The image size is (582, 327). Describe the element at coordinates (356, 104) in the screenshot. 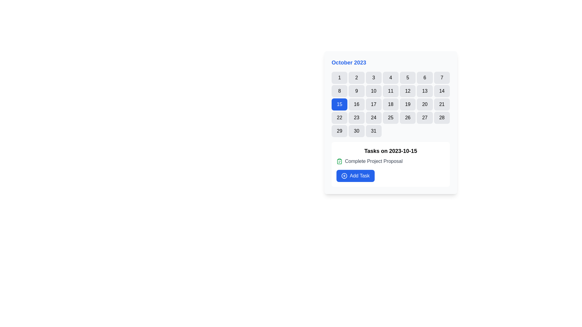

I see `the rectangular button with rounded corners and a light gray background containing the text '16', which is part of a calendar grid layout` at that location.